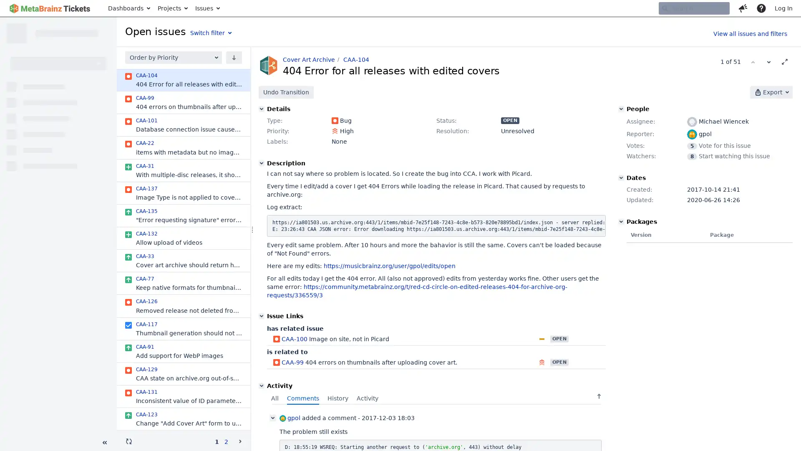 The image size is (801, 451). Describe the element at coordinates (784, 61) in the screenshot. I see `Expand issue ( z )` at that location.